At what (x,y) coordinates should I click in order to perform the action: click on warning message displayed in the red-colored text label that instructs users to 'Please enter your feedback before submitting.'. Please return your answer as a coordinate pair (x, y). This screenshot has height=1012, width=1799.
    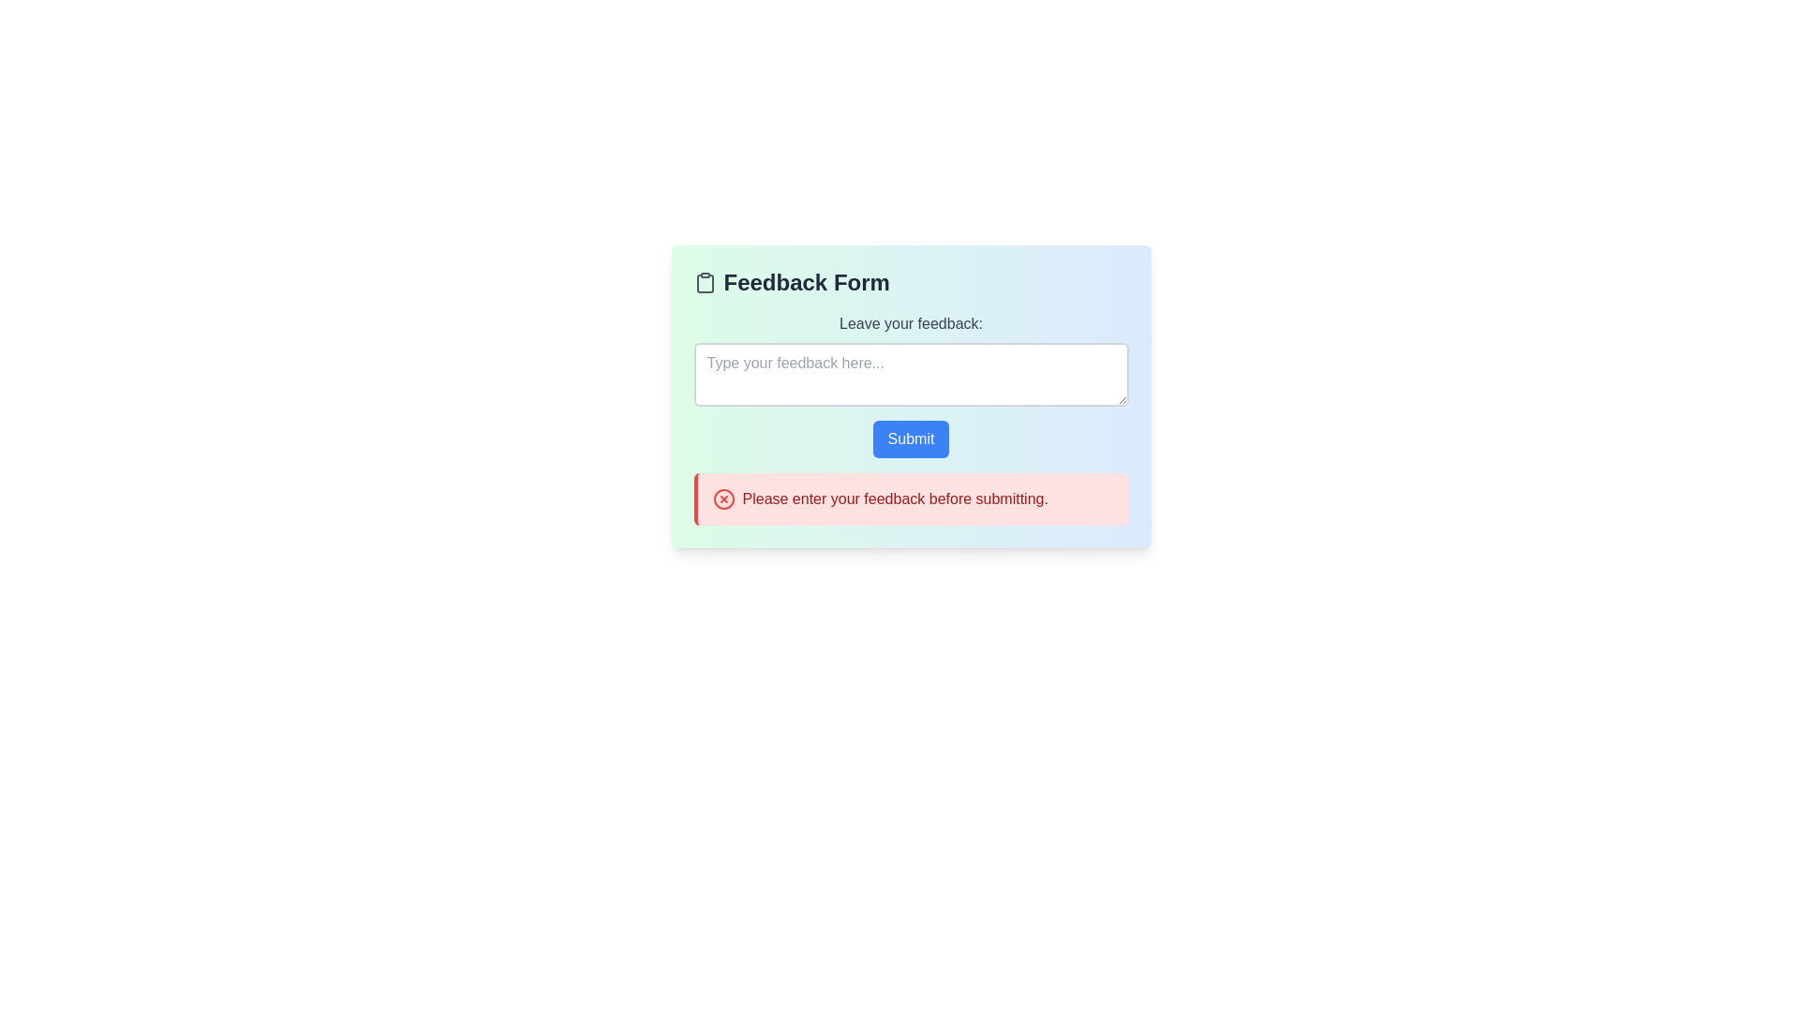
    Looking at the image, I should click on (894, 498).